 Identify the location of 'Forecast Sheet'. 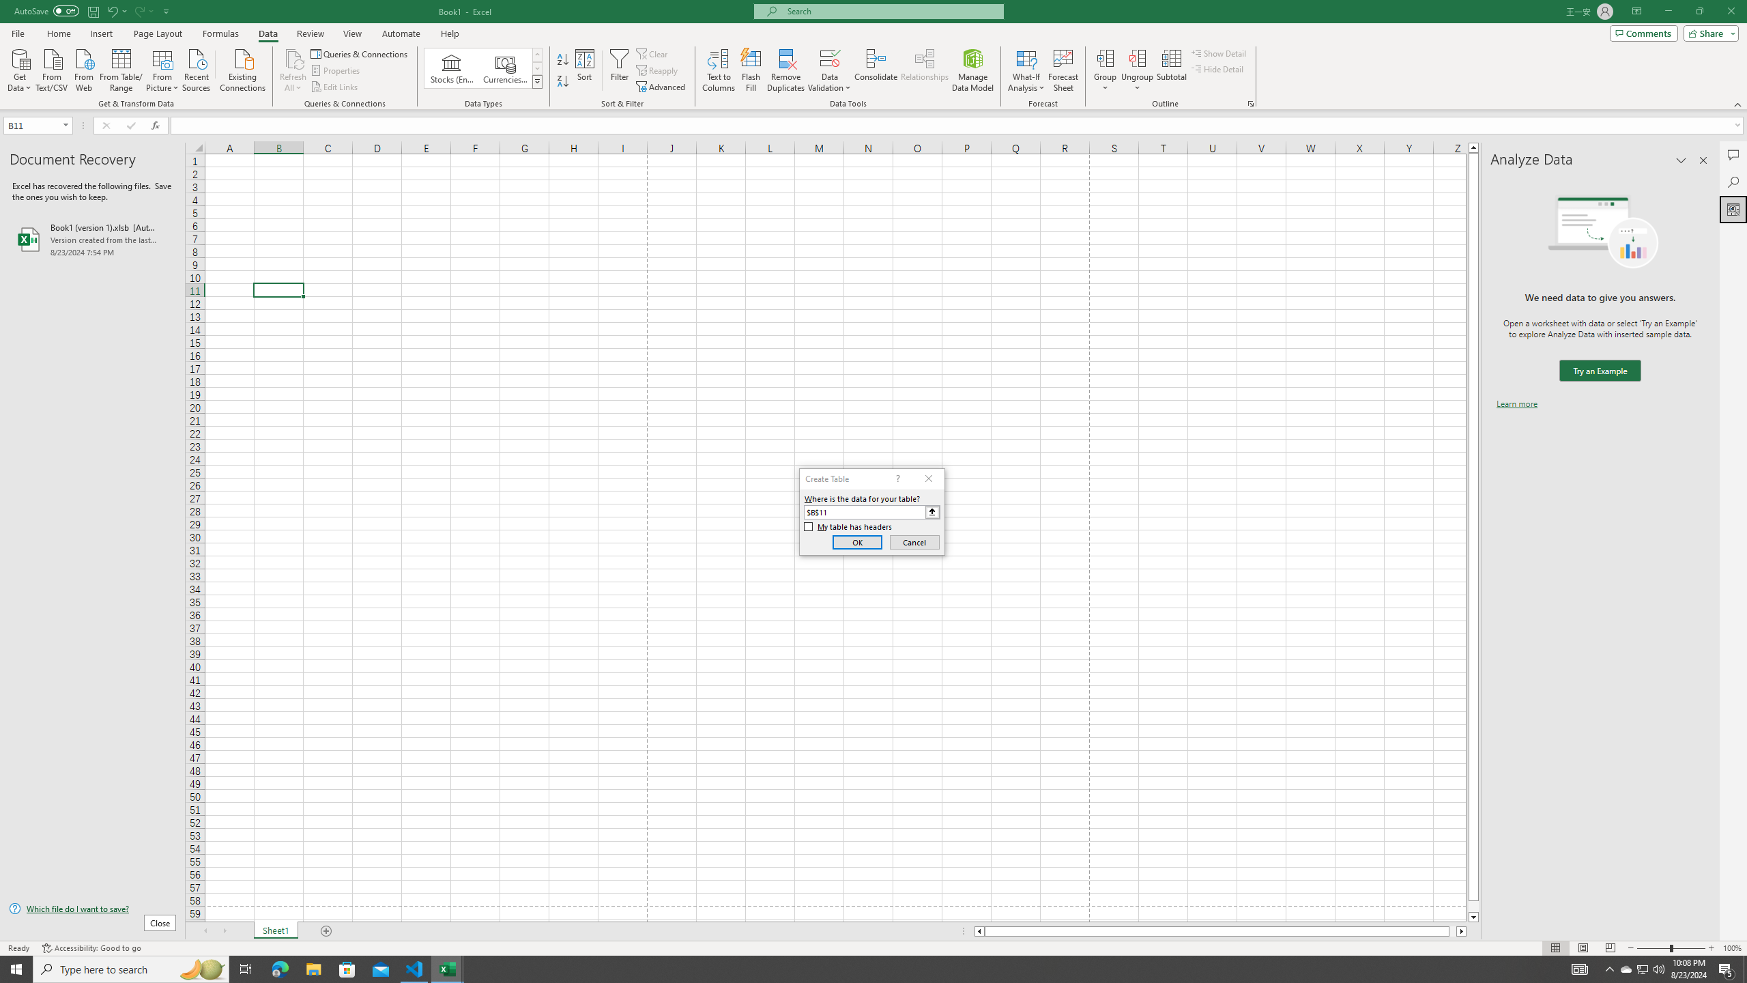
(1063, 70).